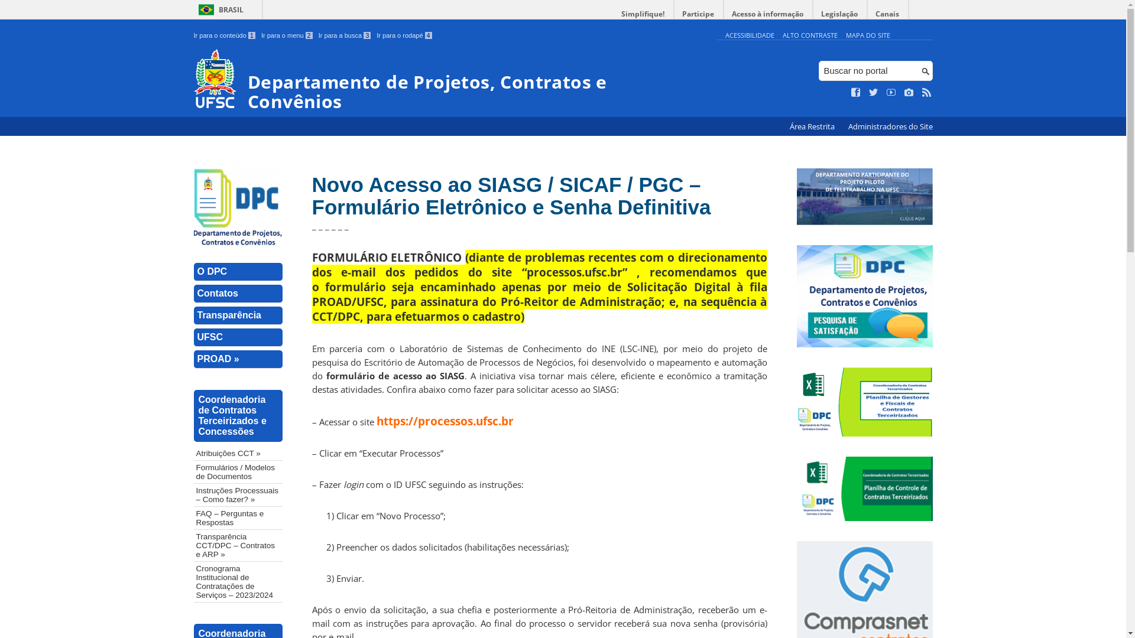 The image size is (1135, 638). I want to click on 'Ir para a busca 3', so click(318, 35).